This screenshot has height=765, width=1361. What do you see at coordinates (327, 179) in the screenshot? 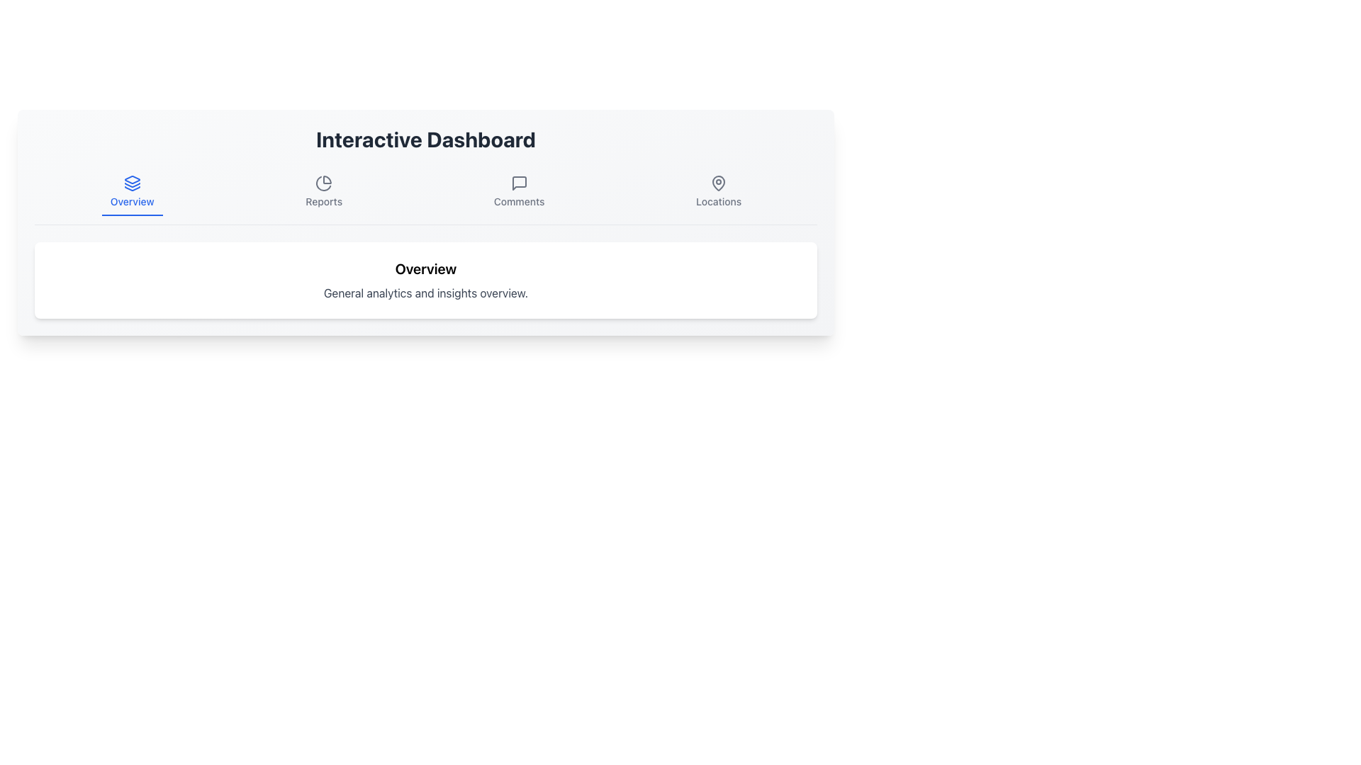
I see `the right-most segment of the pie chart icon, which is located to the right of the 'Interactive Dashboard' title and adjacent to the 'Reports' text label` at bounding box center [327, 179].